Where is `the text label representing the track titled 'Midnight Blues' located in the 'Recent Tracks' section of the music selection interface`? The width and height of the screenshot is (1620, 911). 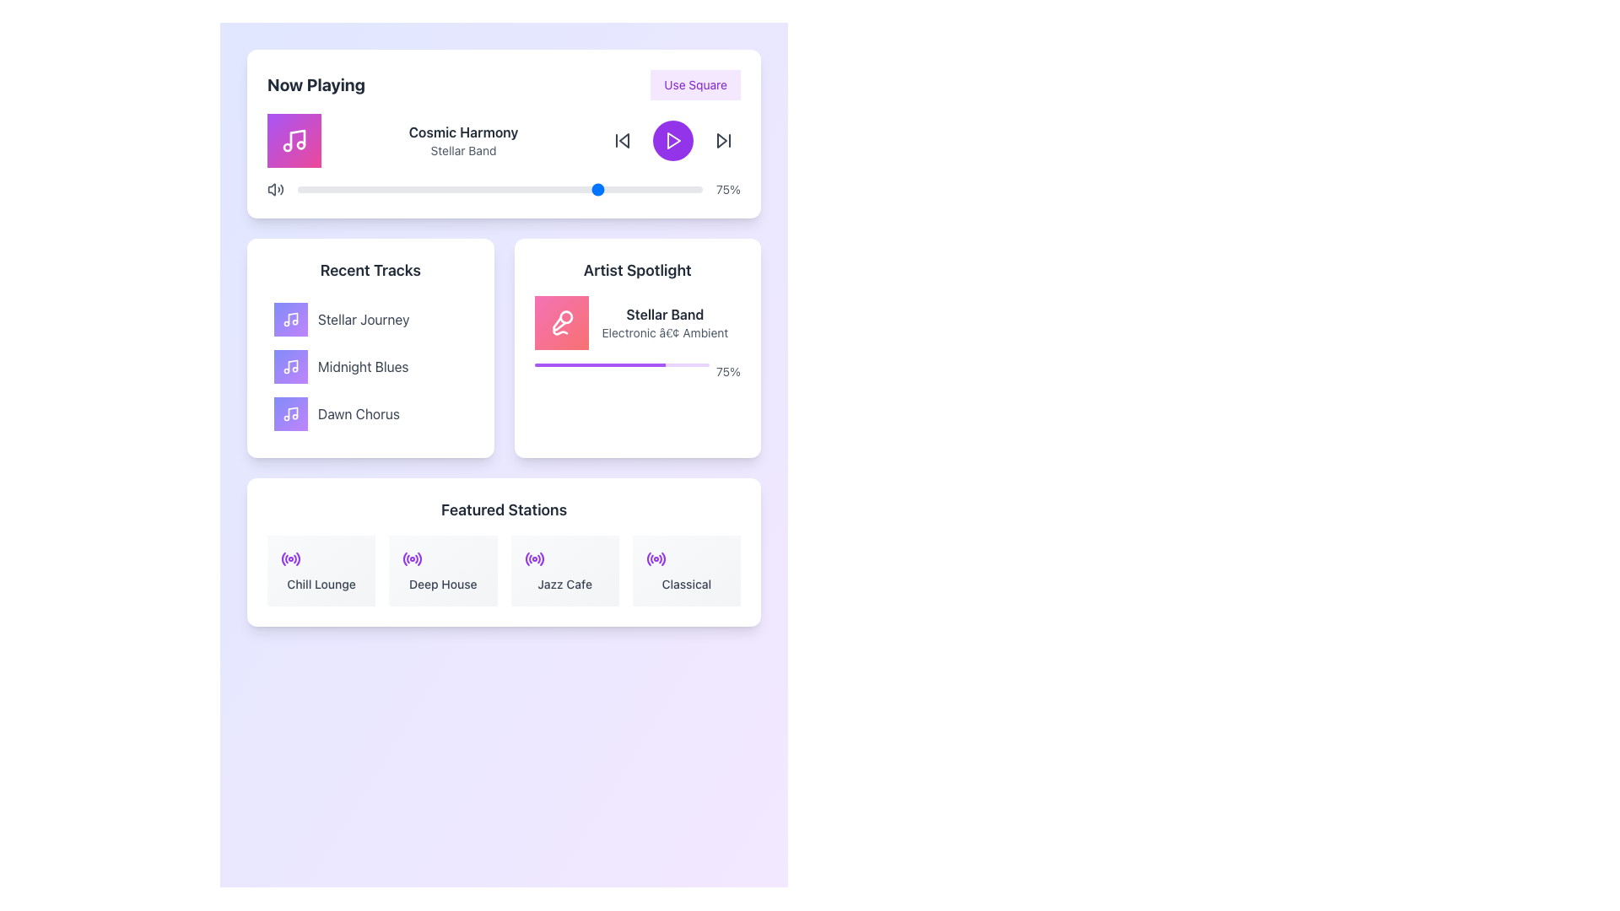 the text label representing the track titled 'Midnight Blues' located in the 'Recent Tracks' section of the music selection interface is located at coordinates (362, 366).